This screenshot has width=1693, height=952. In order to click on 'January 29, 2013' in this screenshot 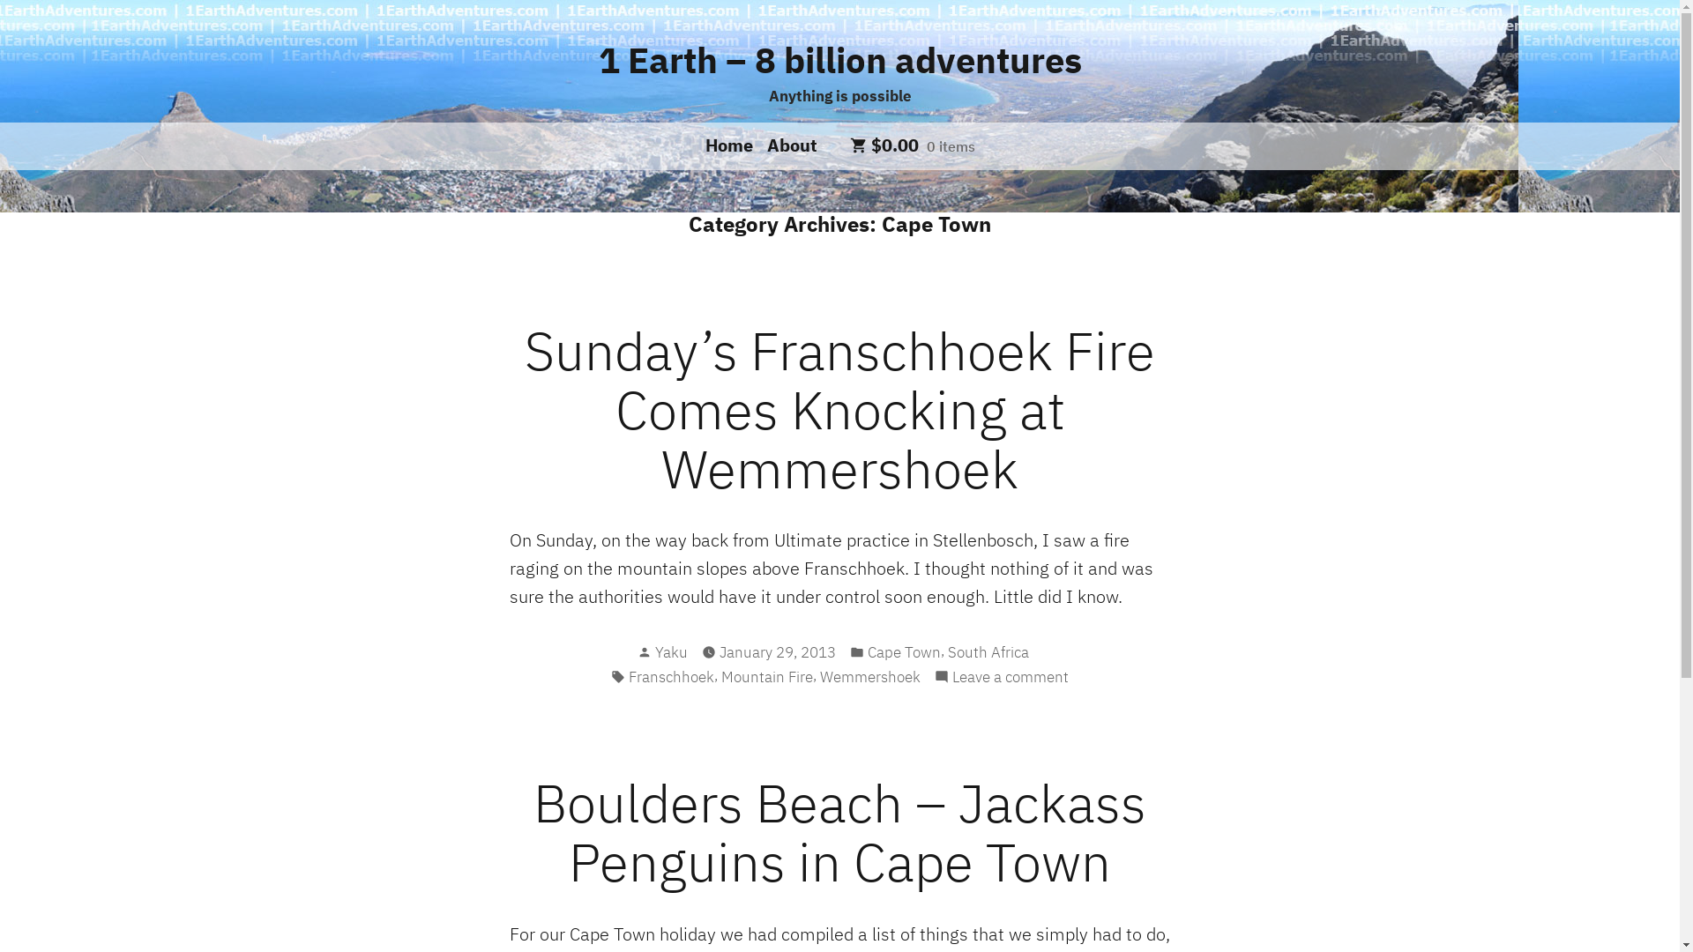, I will do `click(777, 652)`.